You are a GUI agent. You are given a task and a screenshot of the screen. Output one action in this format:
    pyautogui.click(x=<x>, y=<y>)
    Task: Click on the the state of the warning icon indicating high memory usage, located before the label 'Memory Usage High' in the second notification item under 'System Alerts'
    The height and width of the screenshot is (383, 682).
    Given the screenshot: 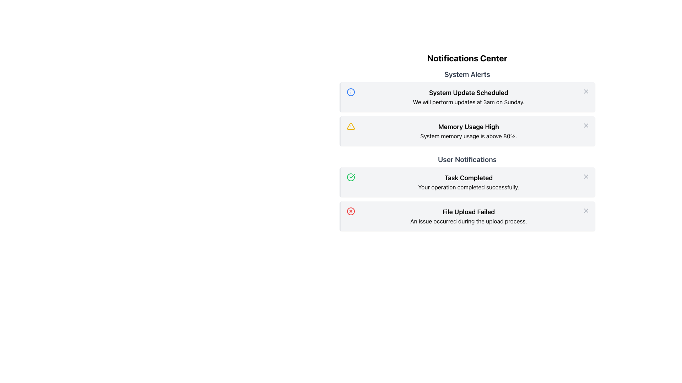 What is the action you would take?
    pyautogui.click(x=351, y=126)
    